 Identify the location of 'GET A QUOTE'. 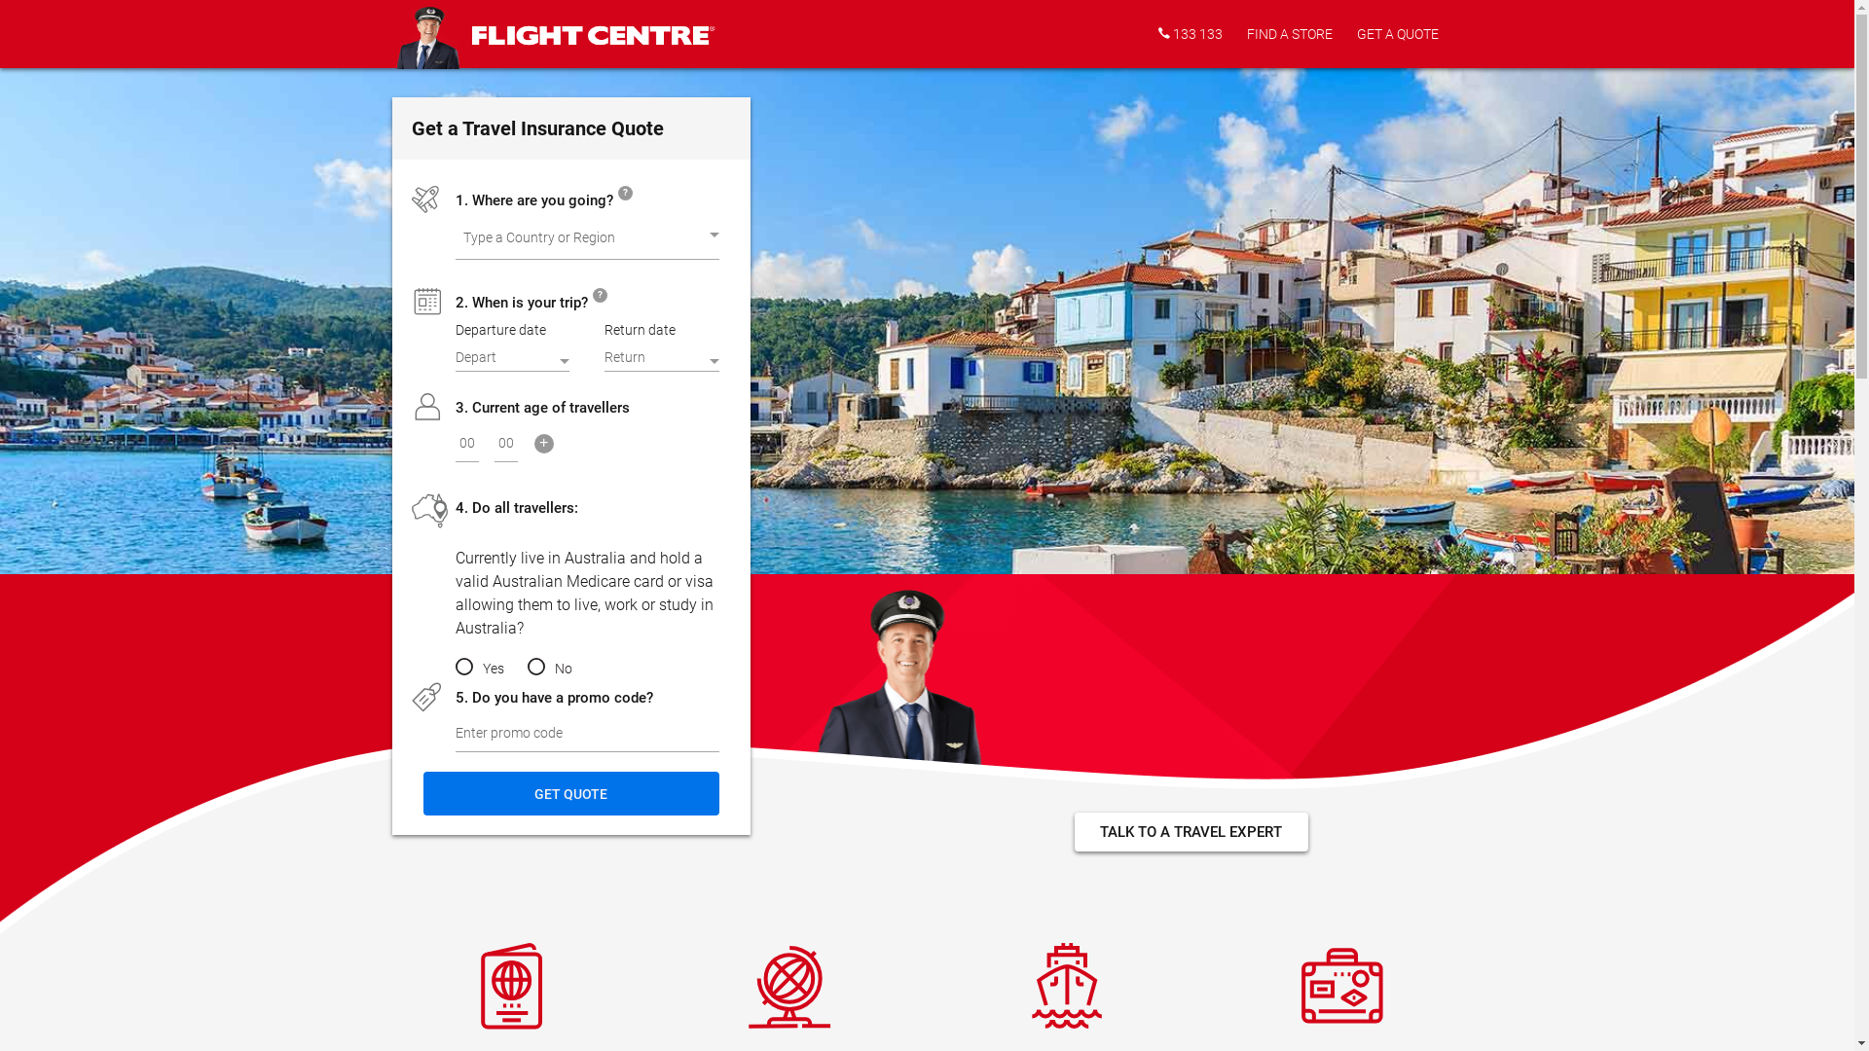
(1396, 33).